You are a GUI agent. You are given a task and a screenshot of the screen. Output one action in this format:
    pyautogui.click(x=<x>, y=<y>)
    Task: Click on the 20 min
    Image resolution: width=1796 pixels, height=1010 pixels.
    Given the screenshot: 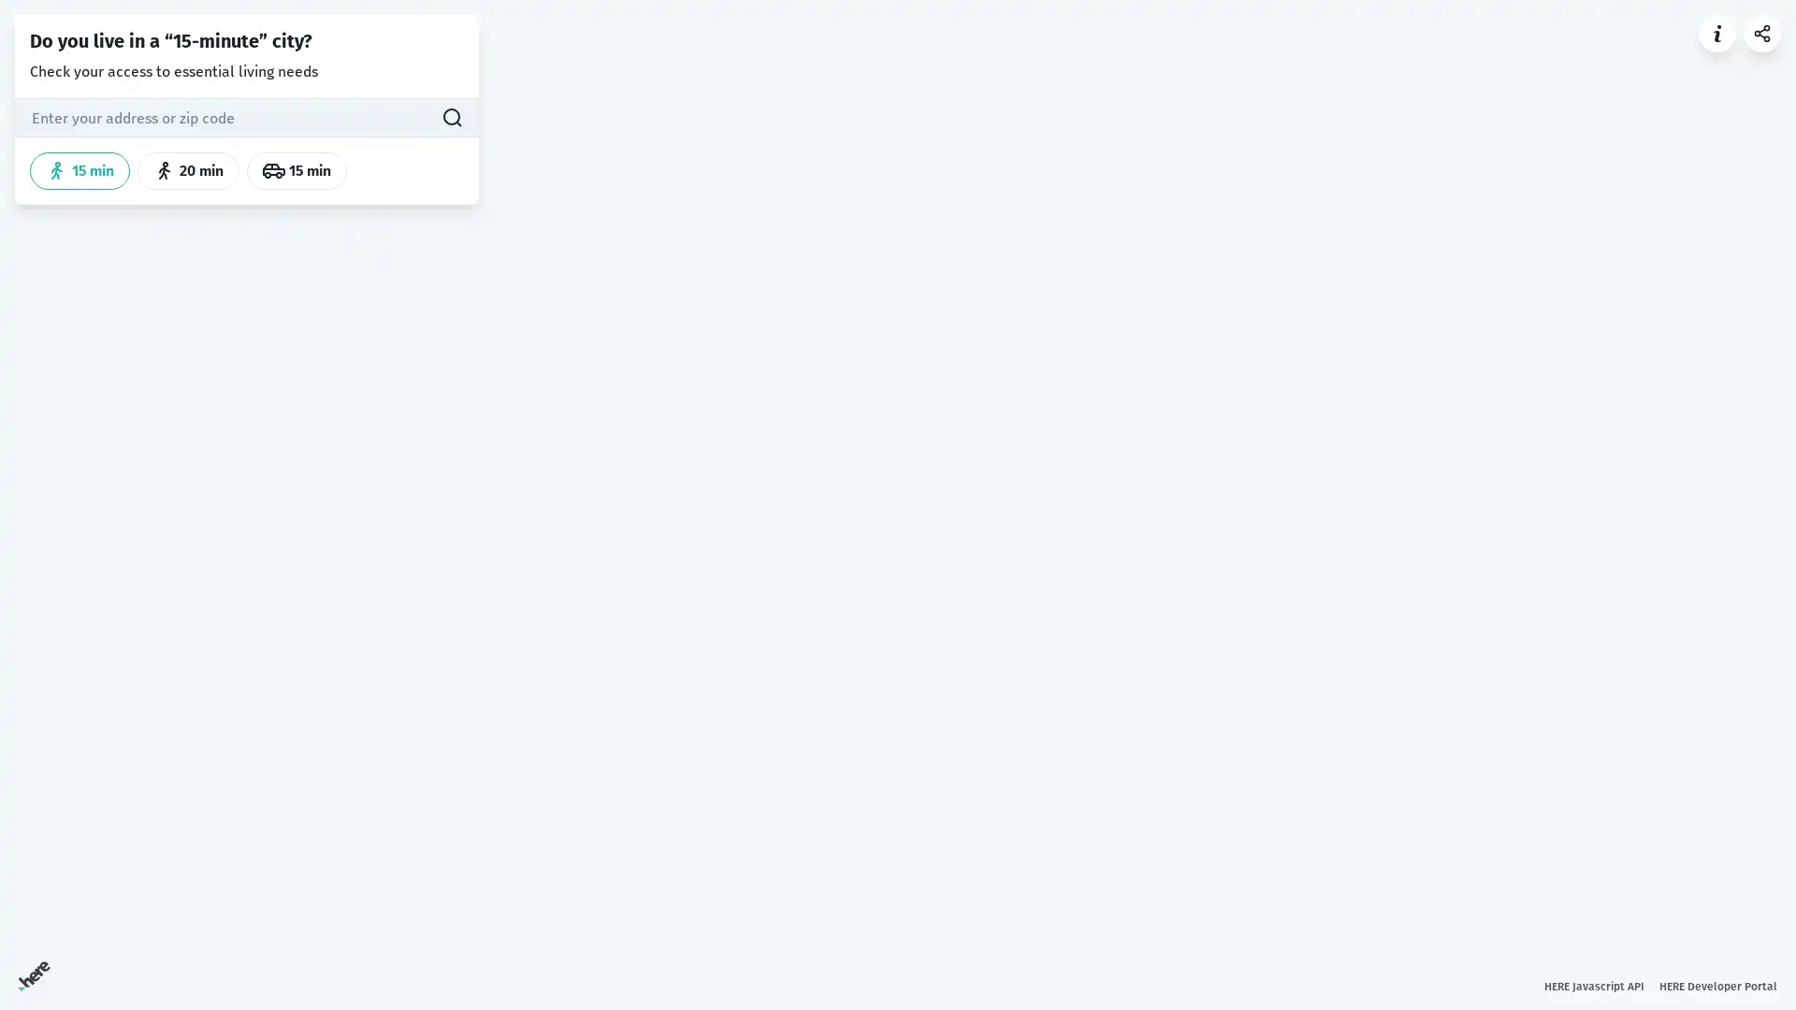 What is the action you would take?
    pyautogui.click(x=188, y=170)
    